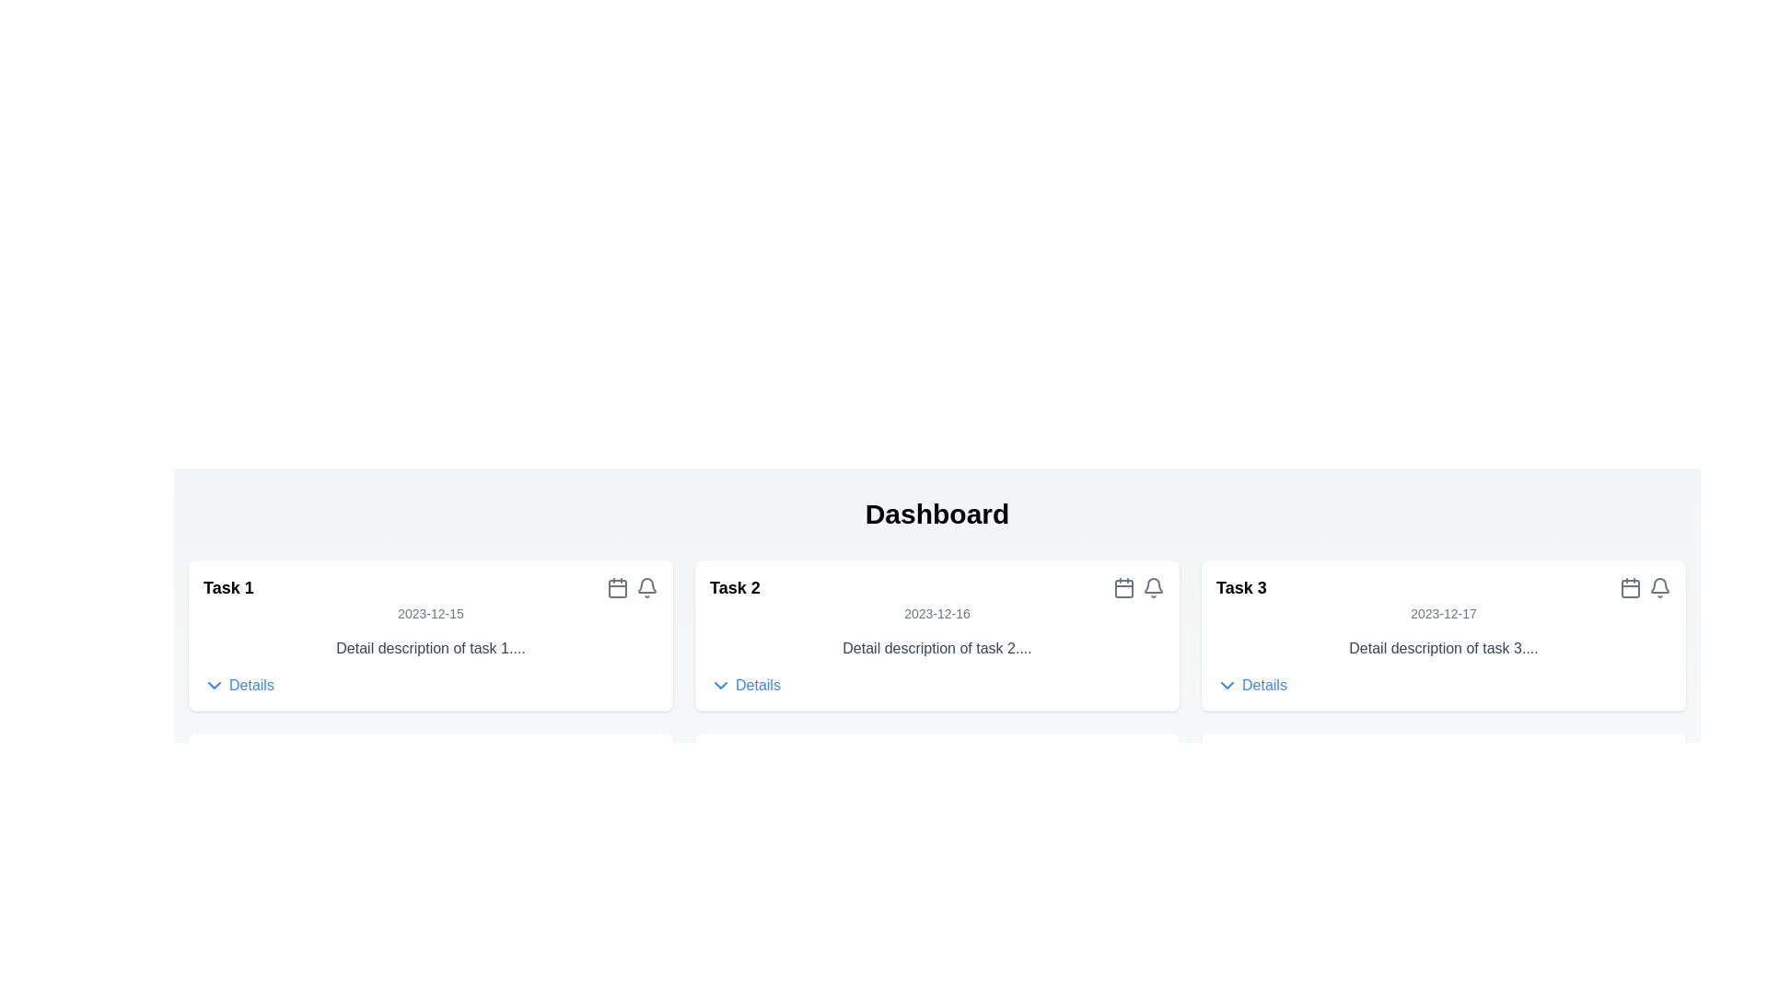 The height and width of the screenshot is (994, 1768). What do you see at coordinates (1227, 685) in the screenshot?
I see `the downward chevron SVG icon located at the bottom-right of the 'Task 3' card` at bounding box center [1227, 685].